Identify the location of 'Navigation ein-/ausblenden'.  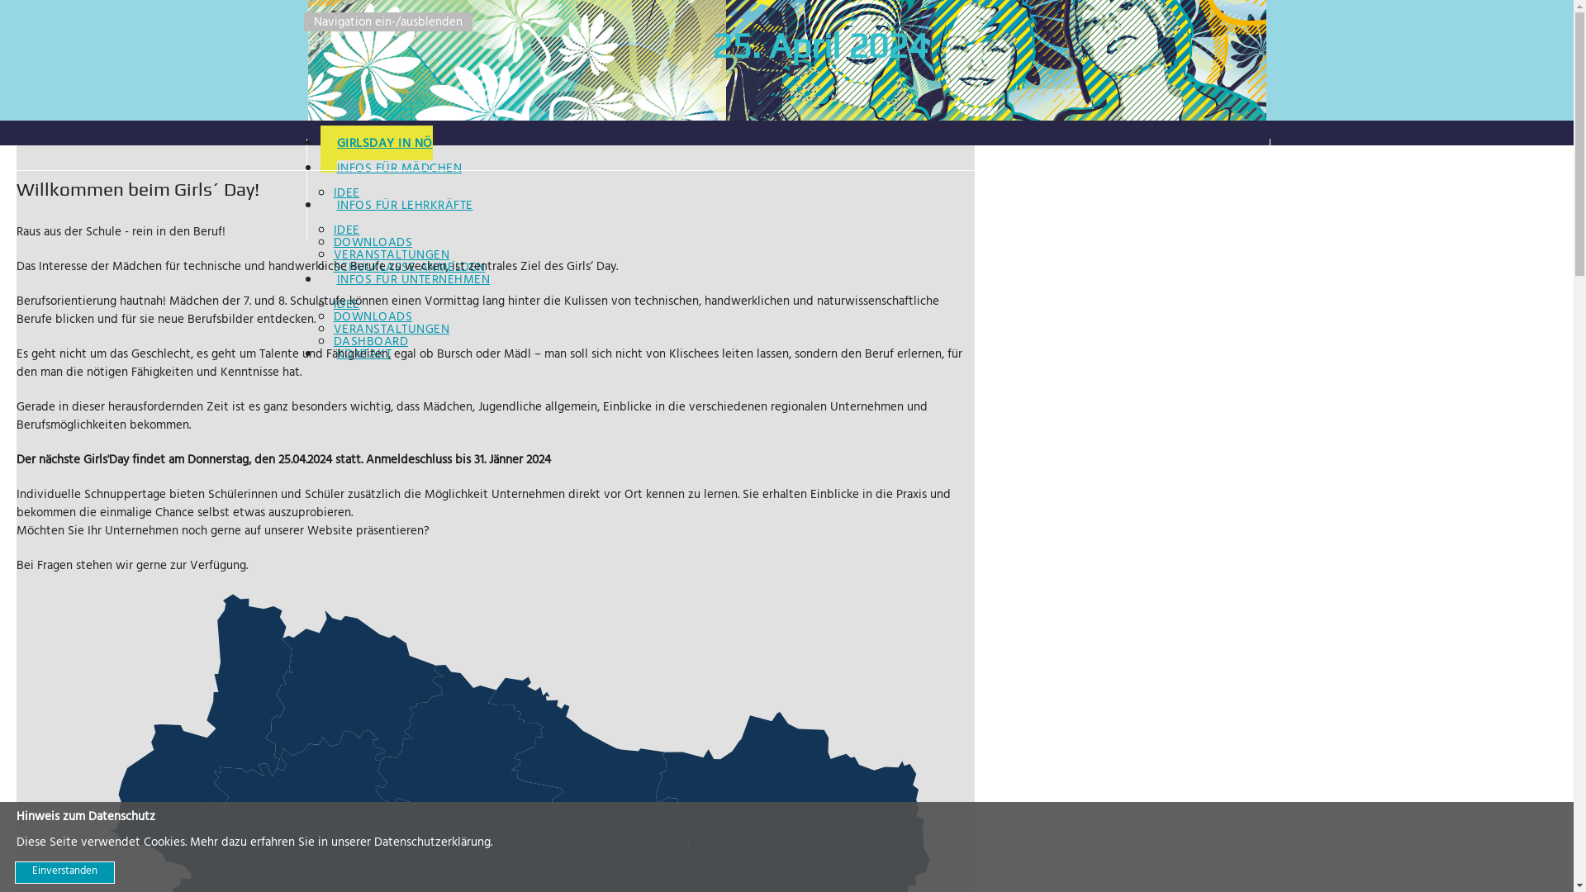
(387, 21).